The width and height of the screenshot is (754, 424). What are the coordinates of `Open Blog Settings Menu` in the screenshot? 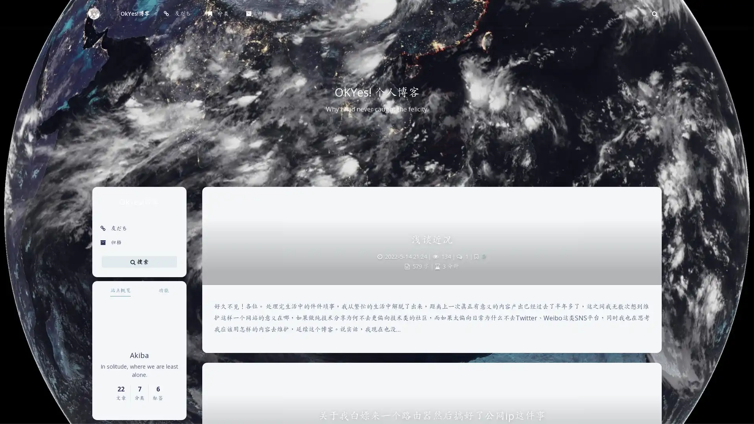 It's located at (734, 387).